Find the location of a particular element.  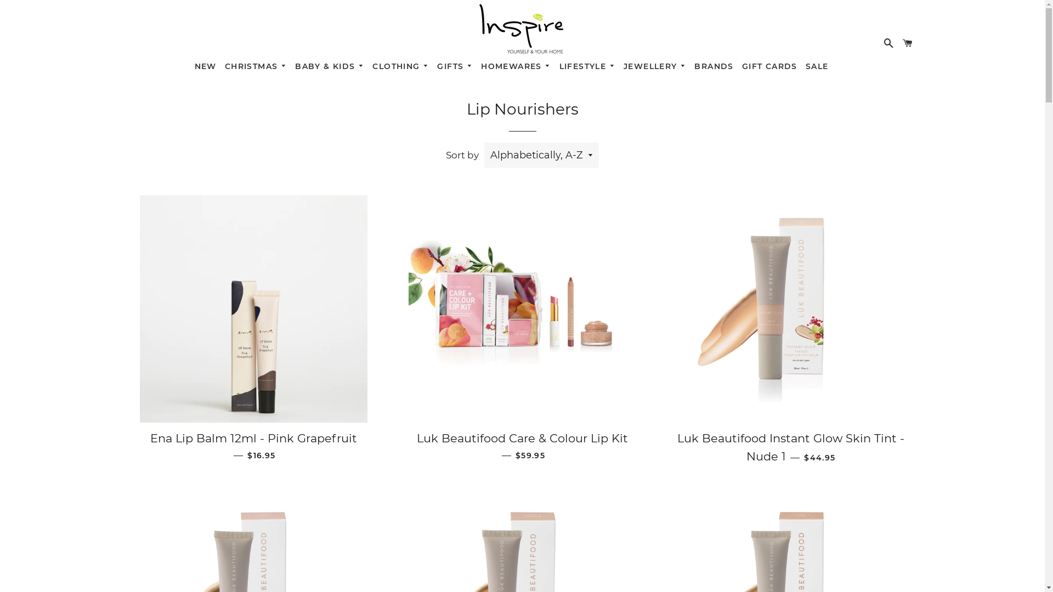

'SALE' is located at coordinates (817, 64).